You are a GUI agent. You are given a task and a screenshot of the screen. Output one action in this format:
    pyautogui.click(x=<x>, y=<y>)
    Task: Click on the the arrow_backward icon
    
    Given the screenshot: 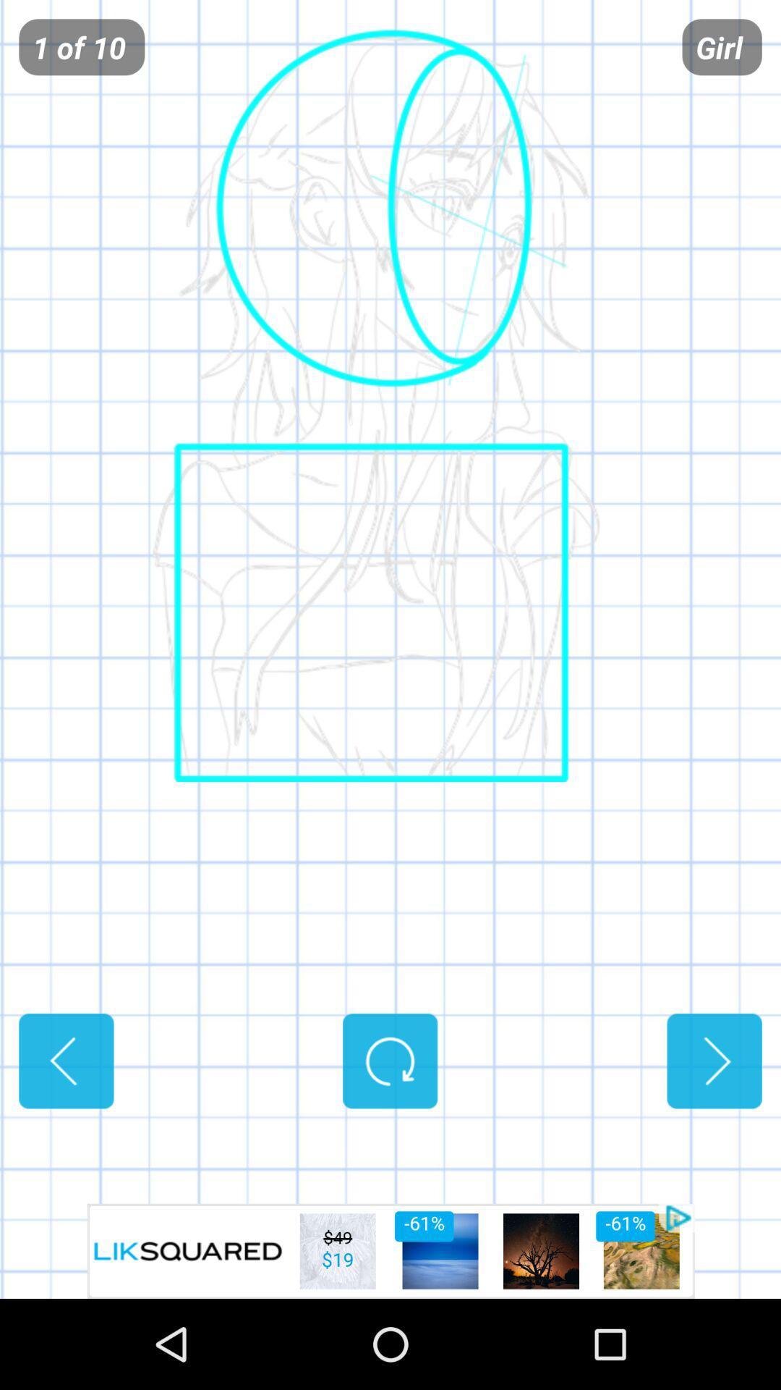 What is the action you would take?
    pyautogui.click(x=66, y=1134)
    